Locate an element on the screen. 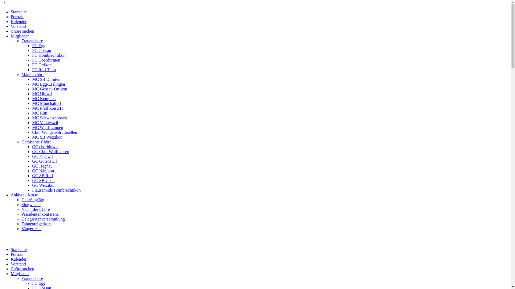  'Kalender' is located at coordinates (19, 21).